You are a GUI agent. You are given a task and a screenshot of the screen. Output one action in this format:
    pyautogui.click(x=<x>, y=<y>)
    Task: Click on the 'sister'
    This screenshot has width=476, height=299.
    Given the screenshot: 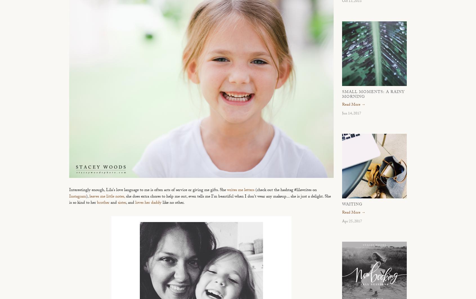 What is the action you would take?
    pyautogui.click(x=122, y=203)
    